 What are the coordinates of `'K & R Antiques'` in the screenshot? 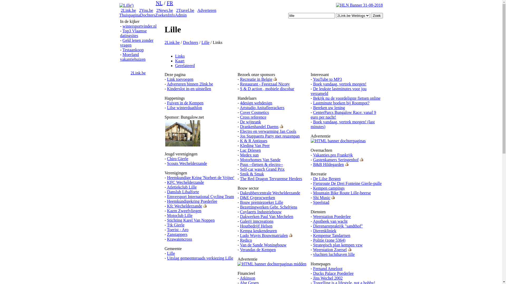 It's located at (254, 140).